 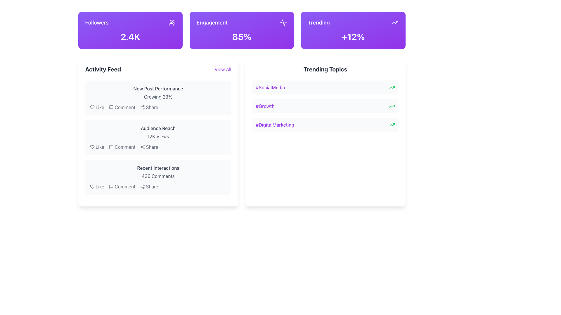 I want to click on the 'Comment' icon located in the 'Recent Interactions' section of the 'Activity Feed', which is positioned to the right of the 'Like' heart icon, so click(x=111, y=187).